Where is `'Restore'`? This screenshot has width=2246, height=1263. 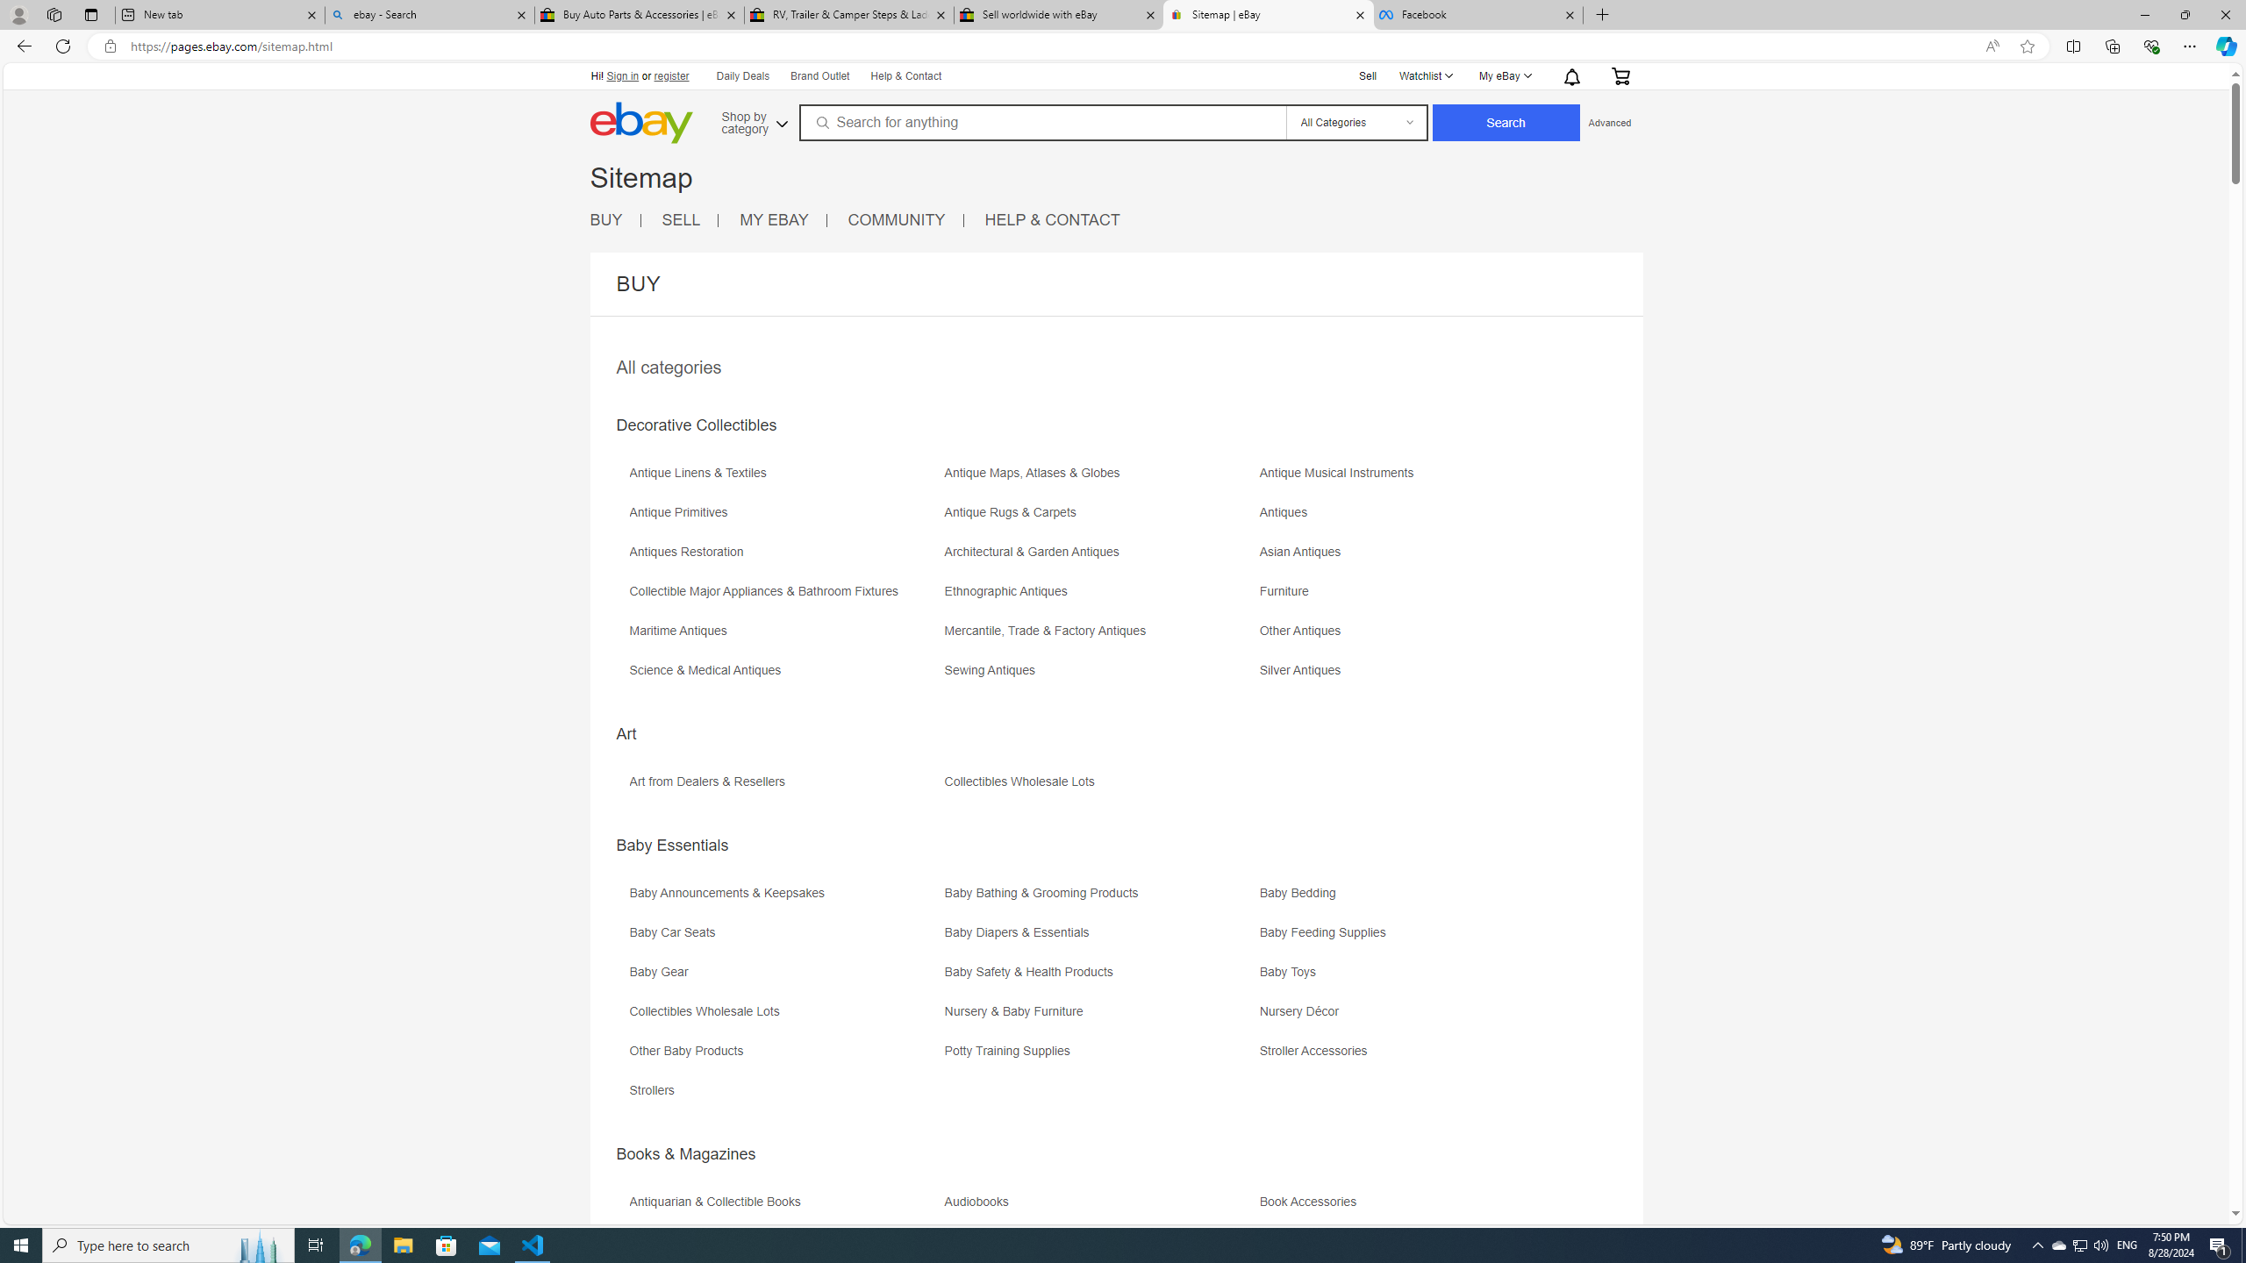
'Restore' is located at coordinates (2185, 14).